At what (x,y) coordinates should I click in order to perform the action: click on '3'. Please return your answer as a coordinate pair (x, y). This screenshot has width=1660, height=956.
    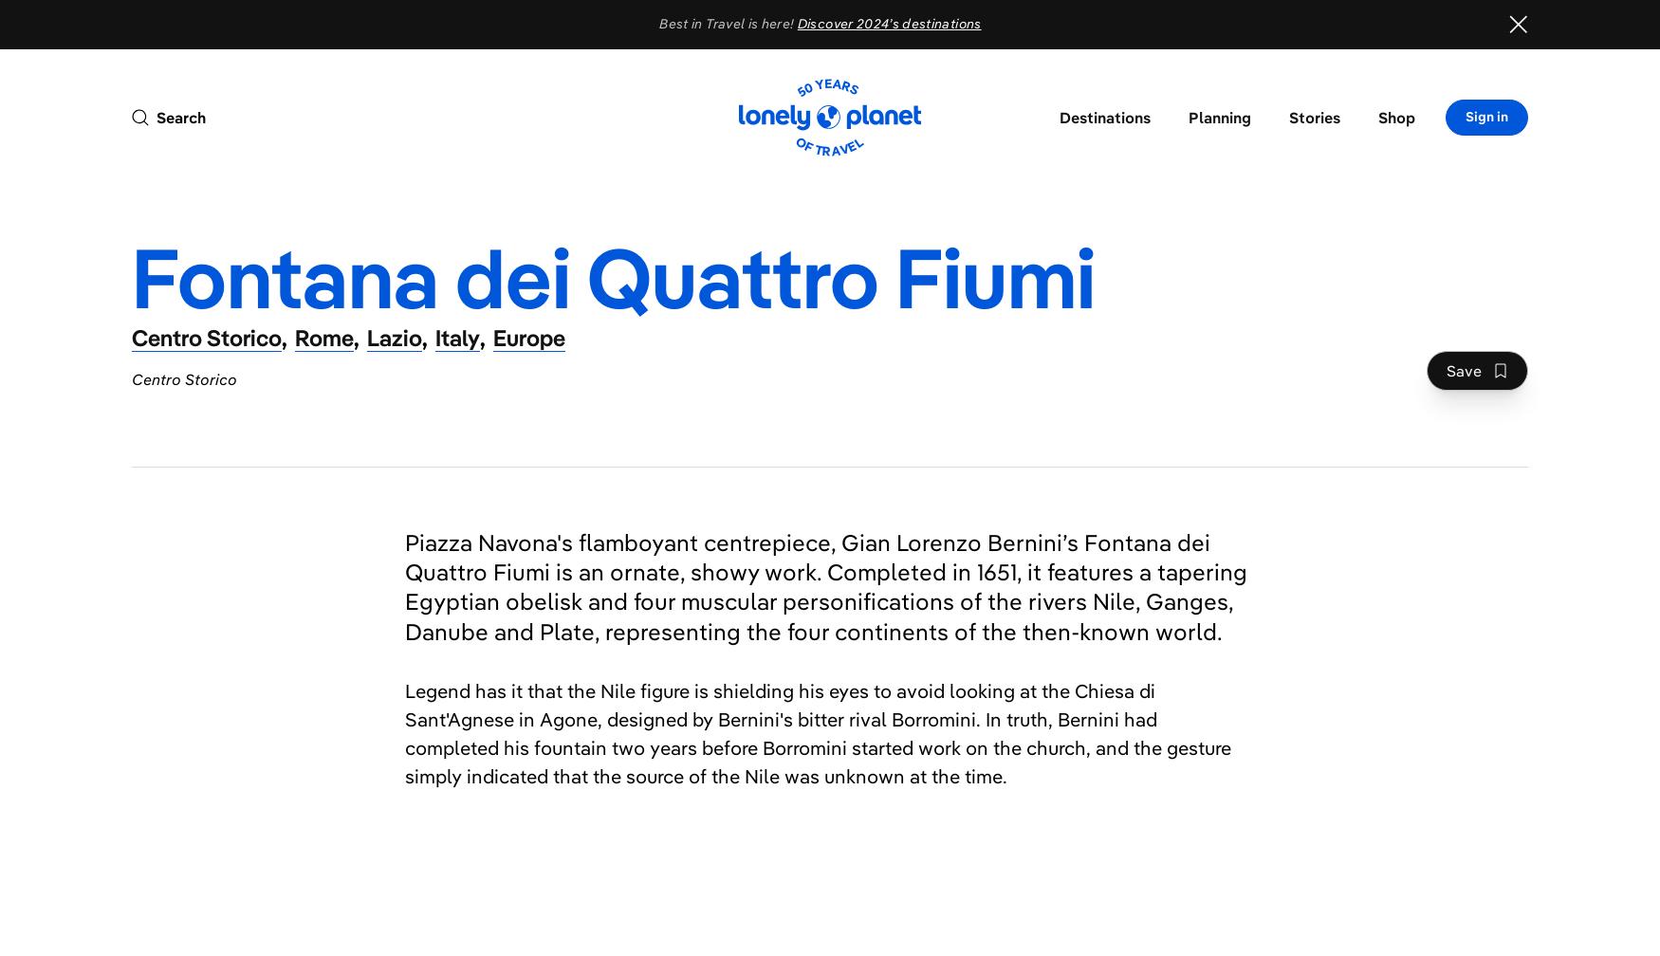
    Looking at the image, I should click on (858, 682).